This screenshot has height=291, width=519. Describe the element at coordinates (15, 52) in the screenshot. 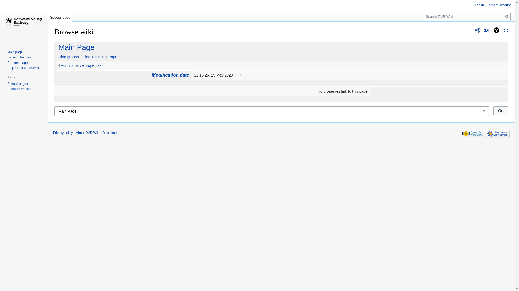

I see `'Main page'` at that location.